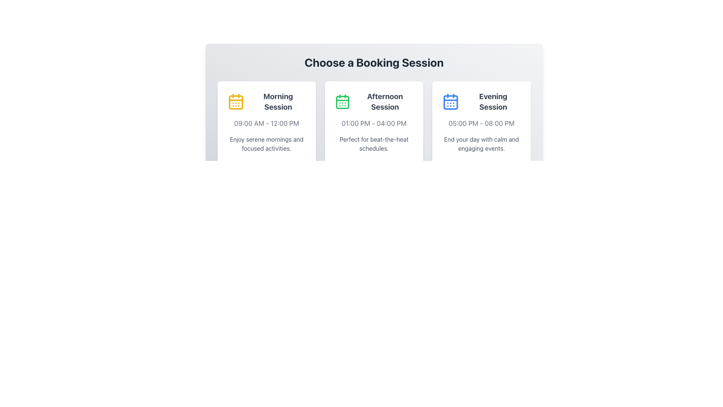  Describe the element at coordinates (342, 102) in the screenshot. I see `the green rounded calendar icon located in the 'Afternoon Session' section, which is positioned above the '01:00 PM - 04:00 PM' text` at that location.